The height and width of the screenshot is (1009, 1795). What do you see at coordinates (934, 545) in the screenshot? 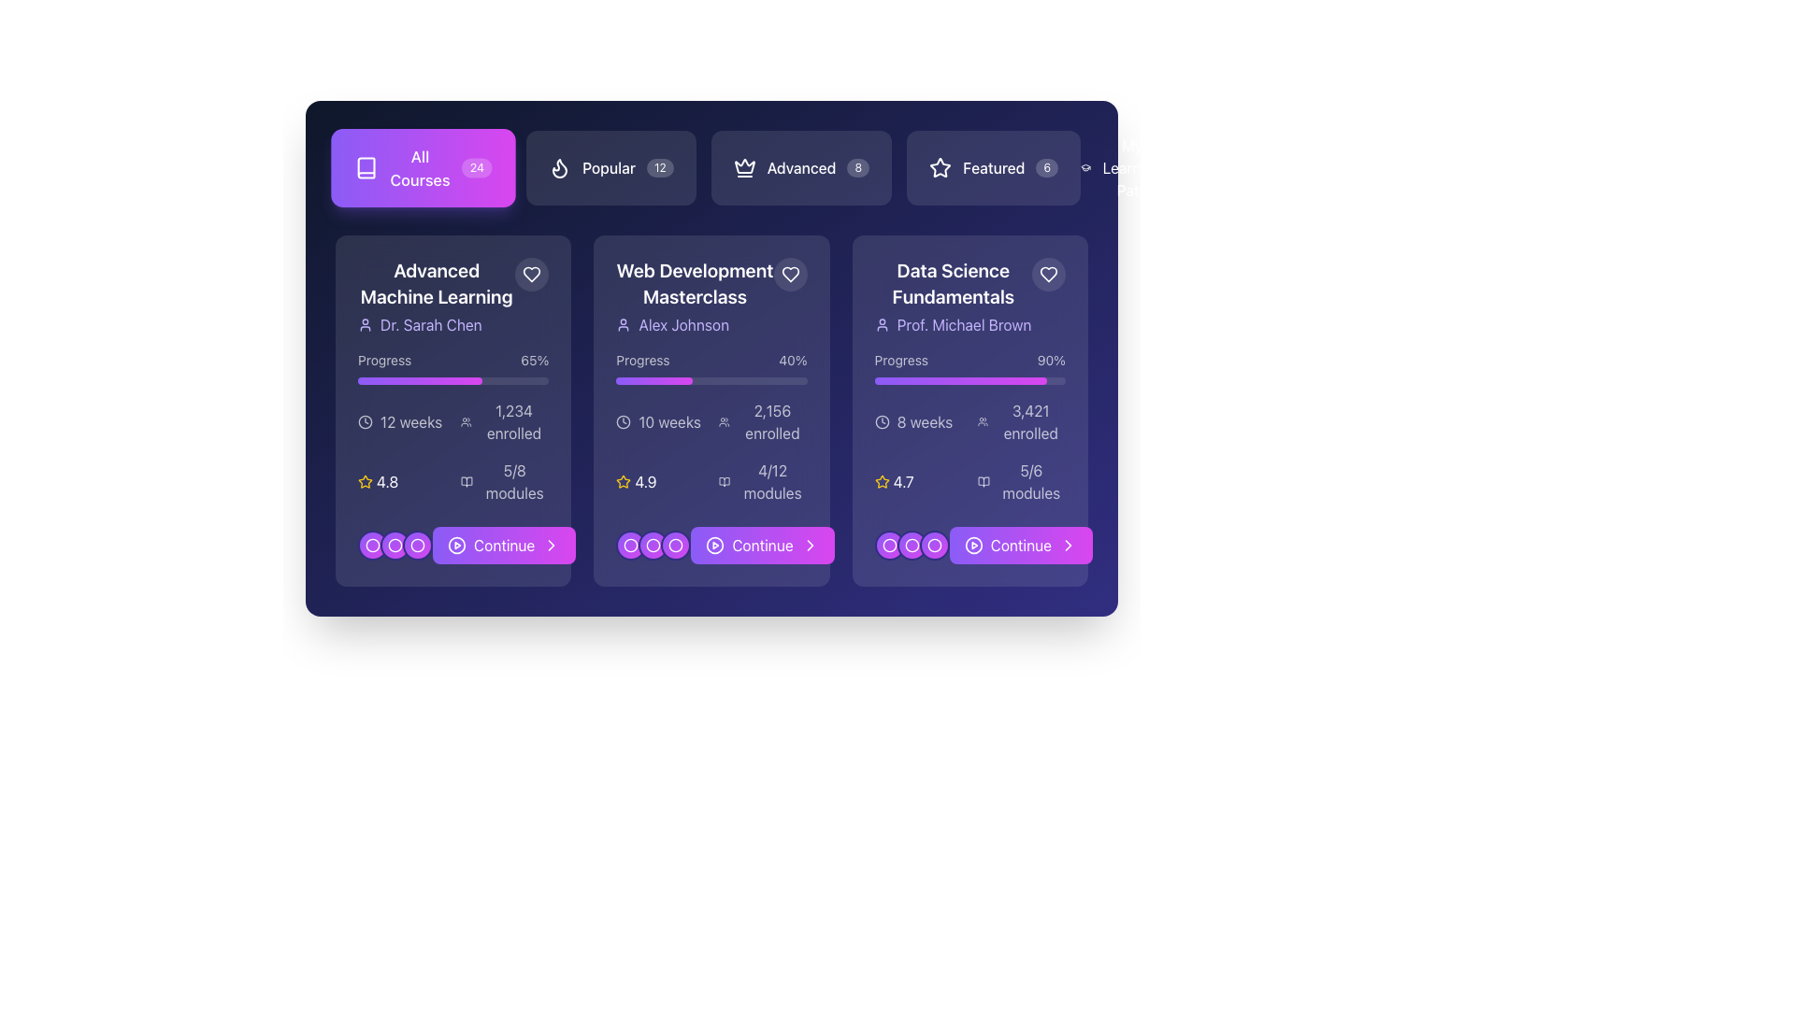
I see `the decorative or indicator icon located centrally within the 'Data Science Fundamentals' card, which is the third card in the row of cards` at bounding box center [934, 545].